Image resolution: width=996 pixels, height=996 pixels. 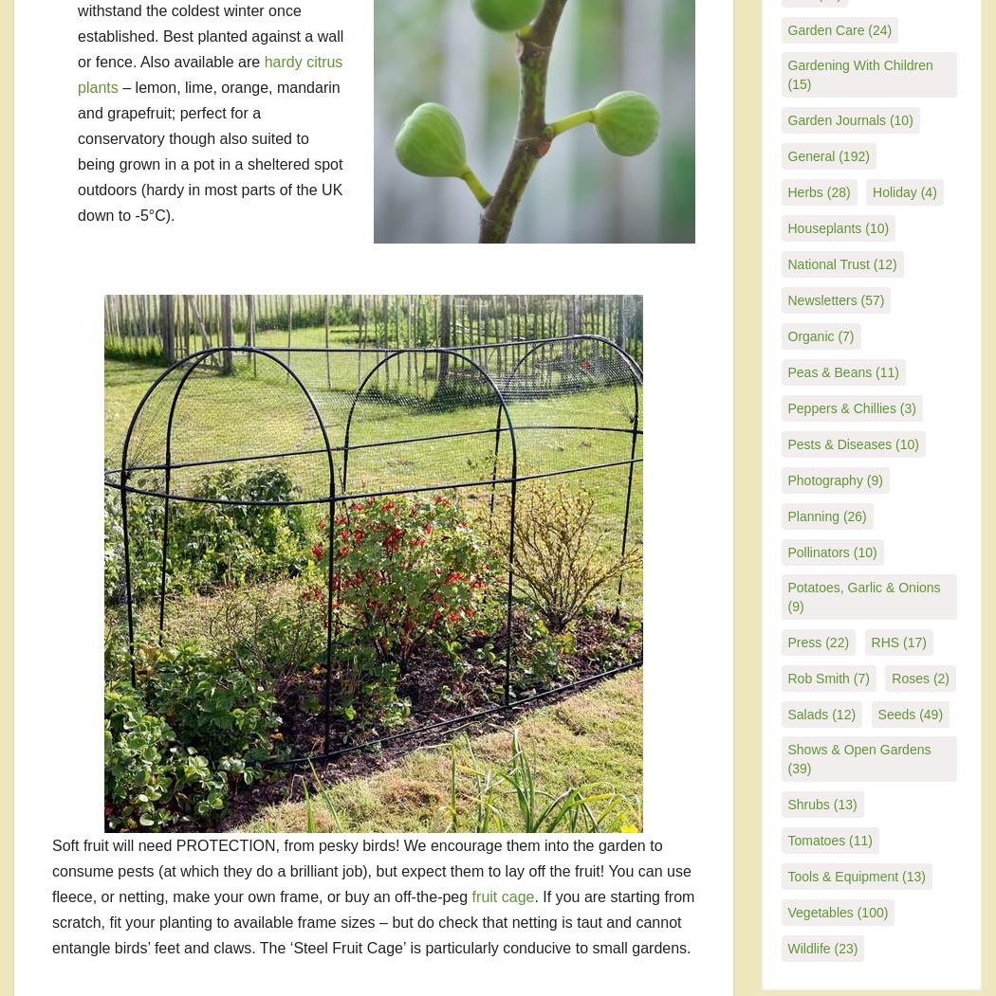 I want to click on '(22)', so click(x=834, y=643).